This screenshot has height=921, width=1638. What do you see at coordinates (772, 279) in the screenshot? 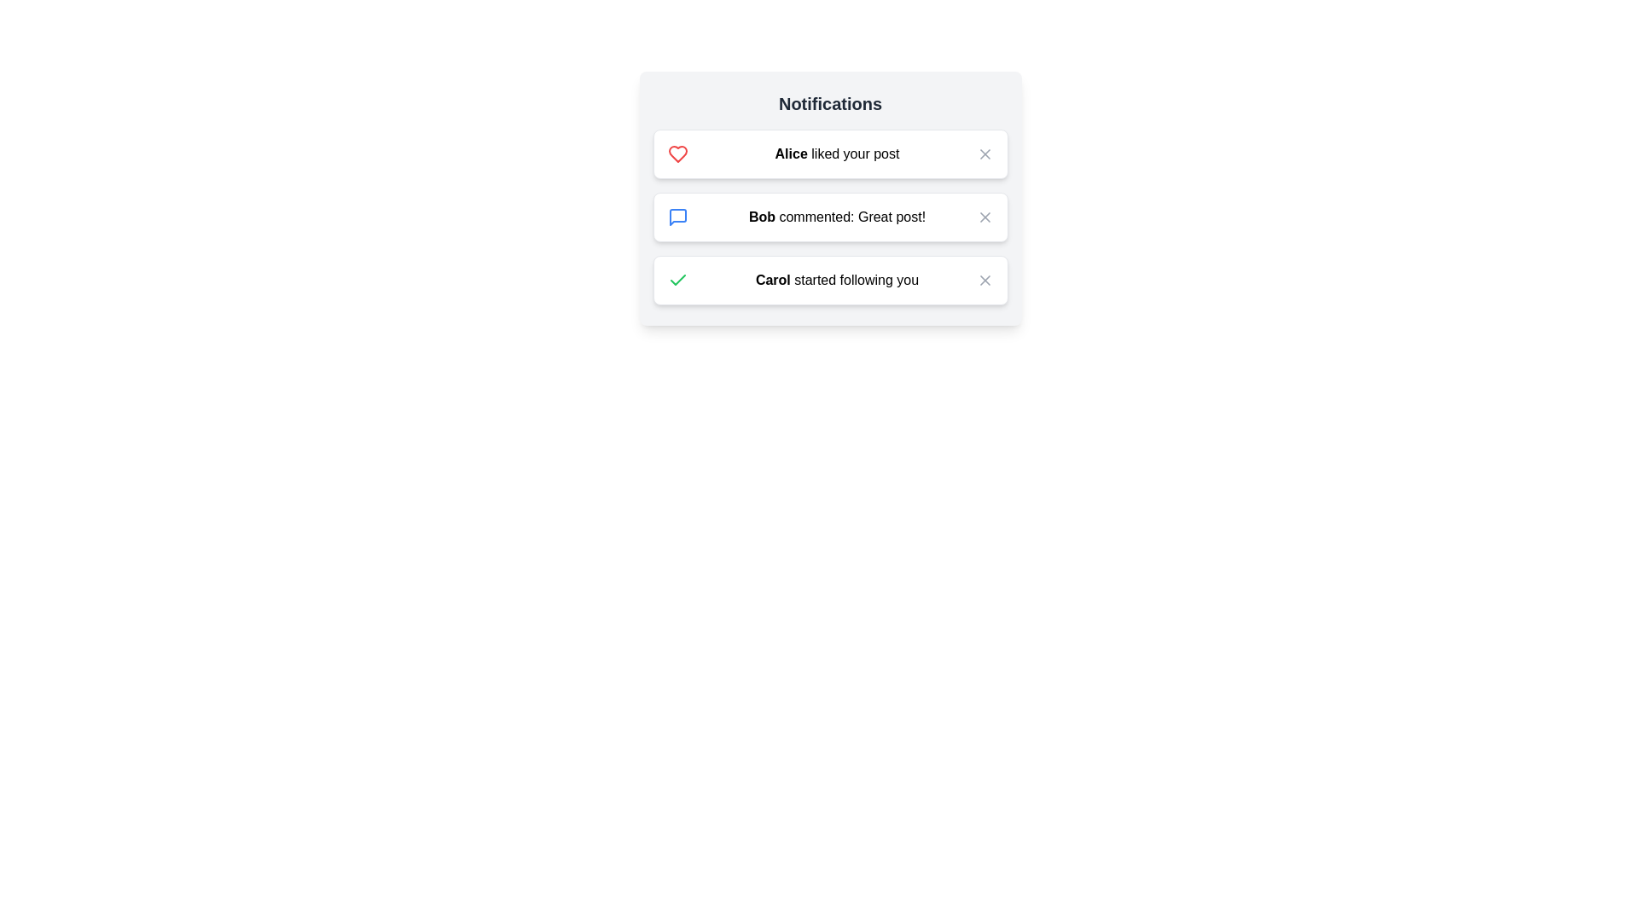
I see `the bolded text 'Carol' in the third notification of the Notifications modal dialogue, which is styled with a thicker font weight and positioned at the beginning of the notification's content description` at bounding box center [772, 279].